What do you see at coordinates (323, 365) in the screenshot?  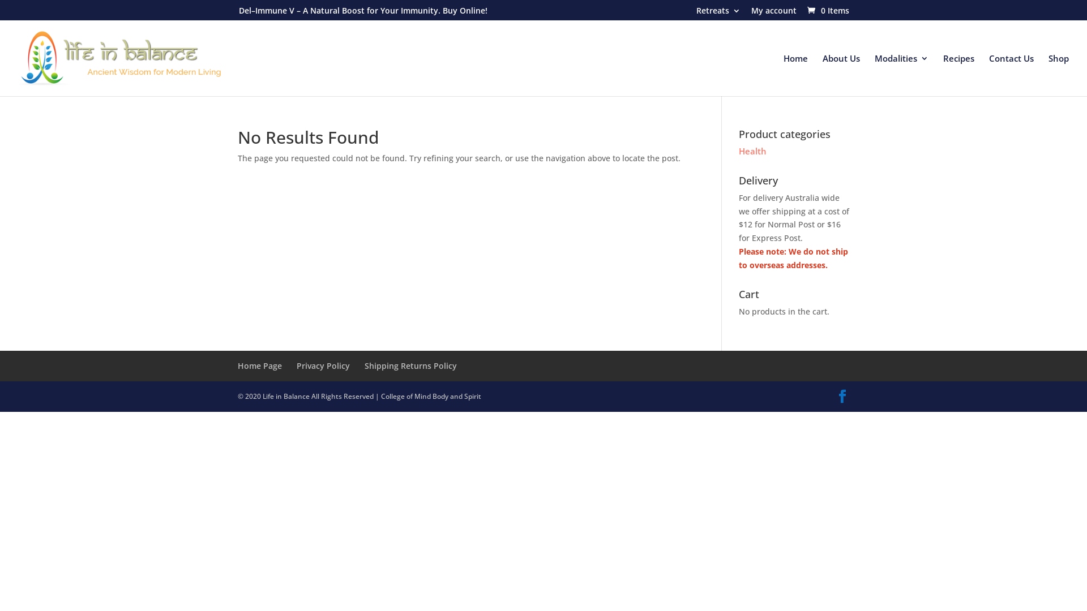 I see `'Privacy Policy'` at bounding box center [323, 365].